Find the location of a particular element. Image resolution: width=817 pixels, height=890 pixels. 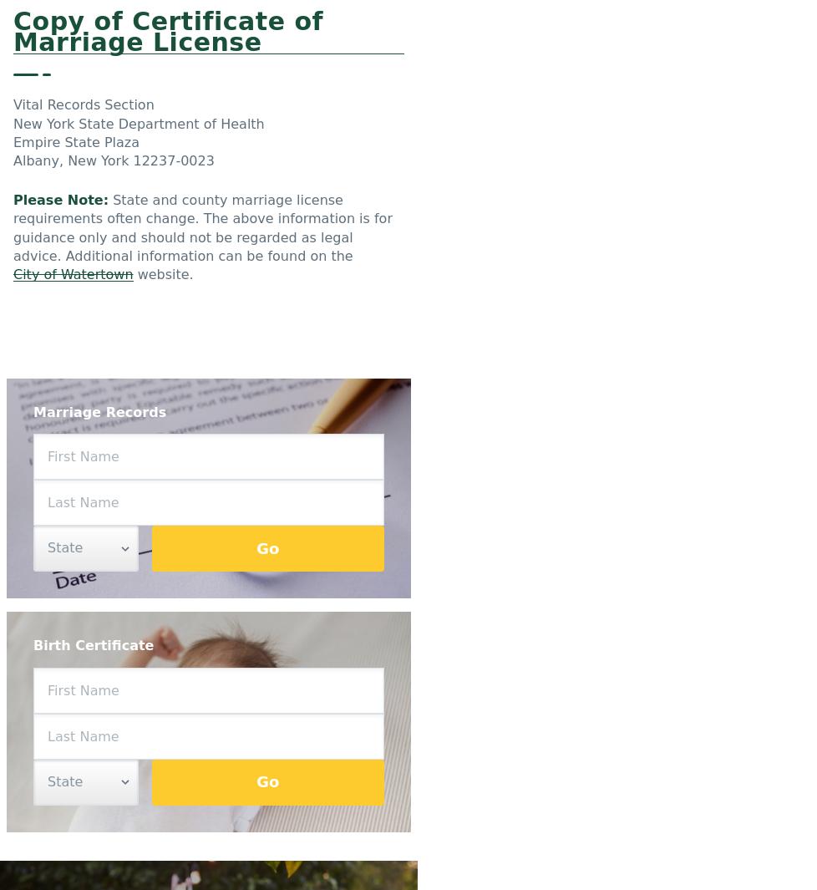

'Copy of Certificate of Marriage License' is located at coordinates (168, 30).